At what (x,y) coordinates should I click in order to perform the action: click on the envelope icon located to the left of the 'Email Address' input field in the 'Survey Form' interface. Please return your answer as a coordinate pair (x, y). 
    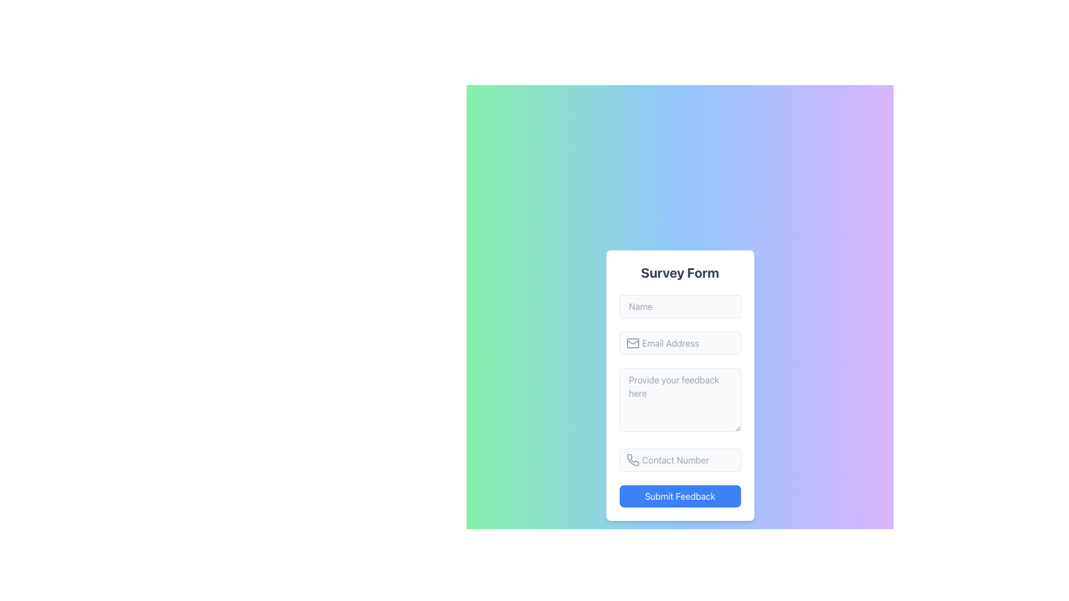
    Looking at the image, I should click on (632, 343).